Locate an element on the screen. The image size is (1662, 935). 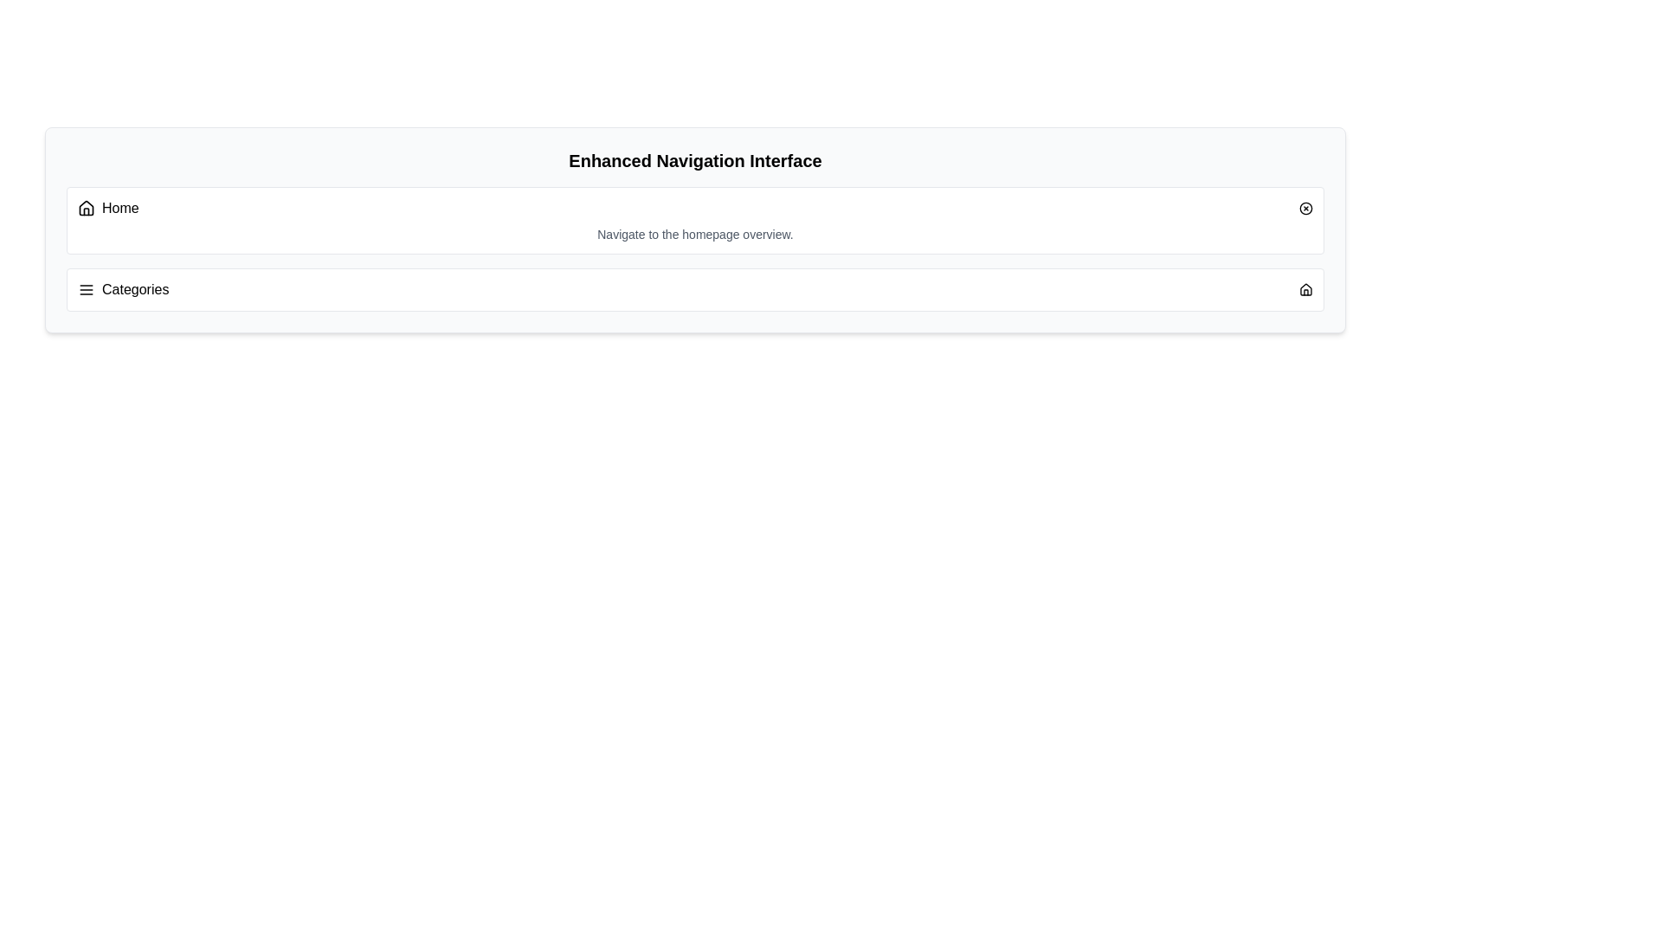
the menu icon, which consists of three horizontally aligned black lines, located immediately to the left of the text 'Categories' in the navigation pane is located at coordinates (86, 289).